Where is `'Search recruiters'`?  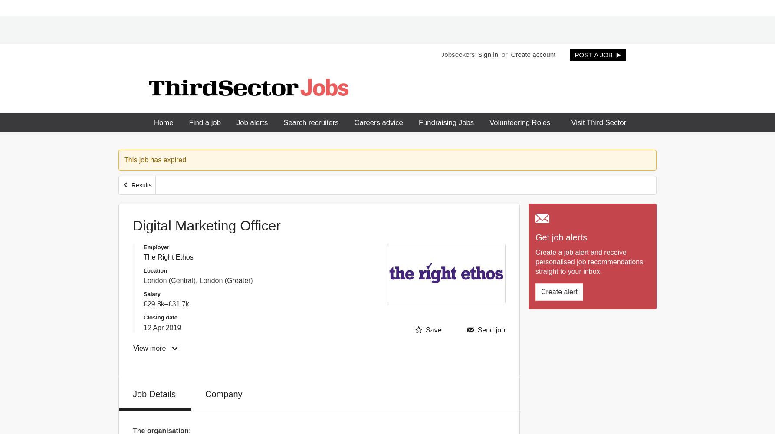 'Search recruiters' is located at coordinates (311, 122).